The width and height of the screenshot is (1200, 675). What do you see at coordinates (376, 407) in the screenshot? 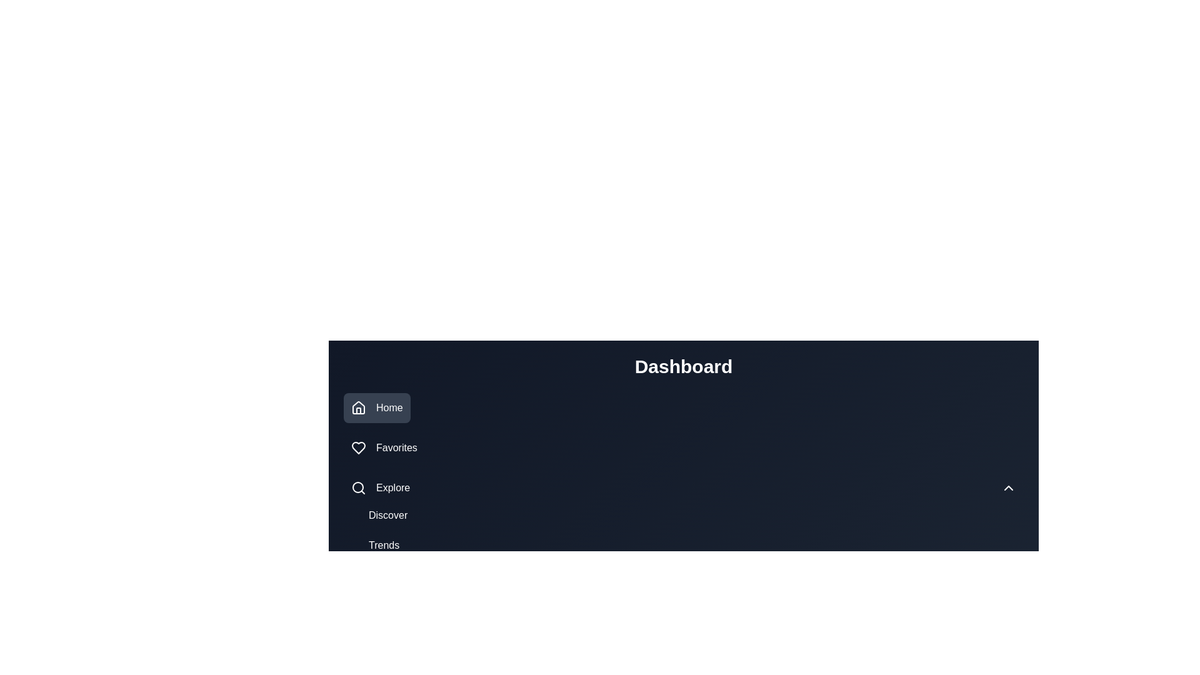
I see `the navigation button located at the top of the left sidebar menu` at bounding box center [376, 407].